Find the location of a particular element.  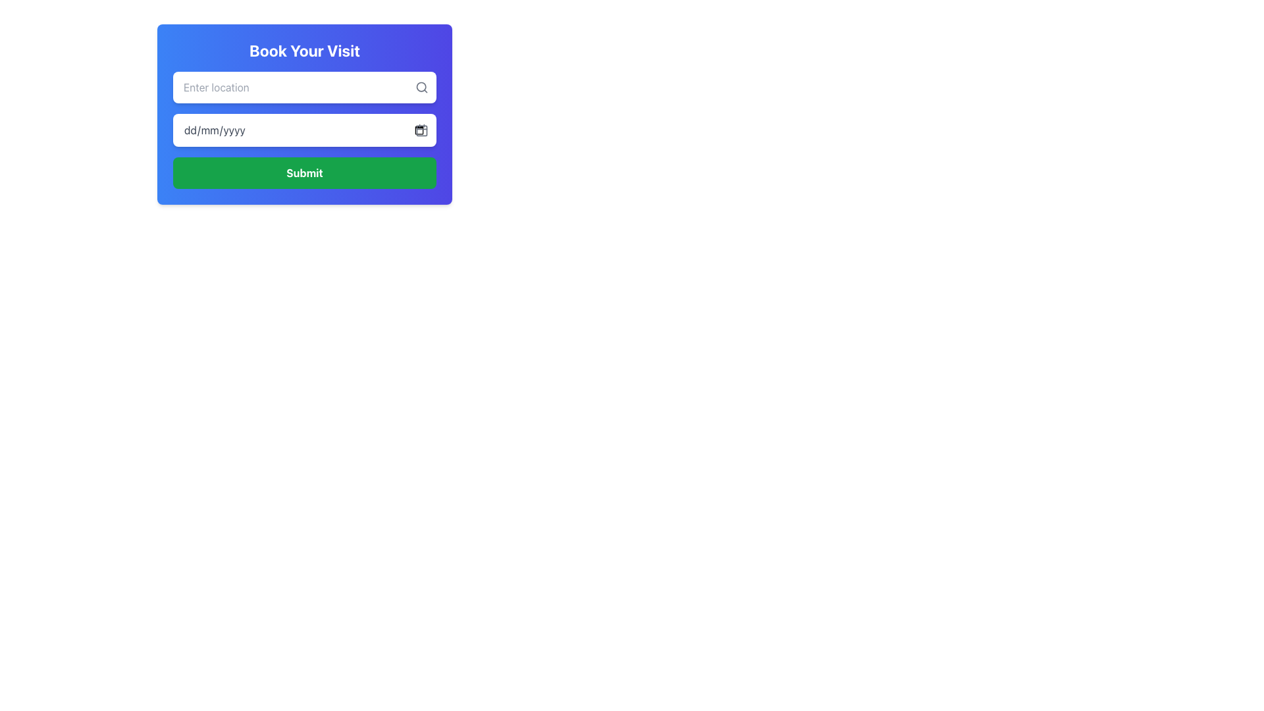

the magnifying glass icon located to the right of the 'Enter location' text input field, which is styled minimally with rounded edges and a circular border is located at coordinates (422, 87).